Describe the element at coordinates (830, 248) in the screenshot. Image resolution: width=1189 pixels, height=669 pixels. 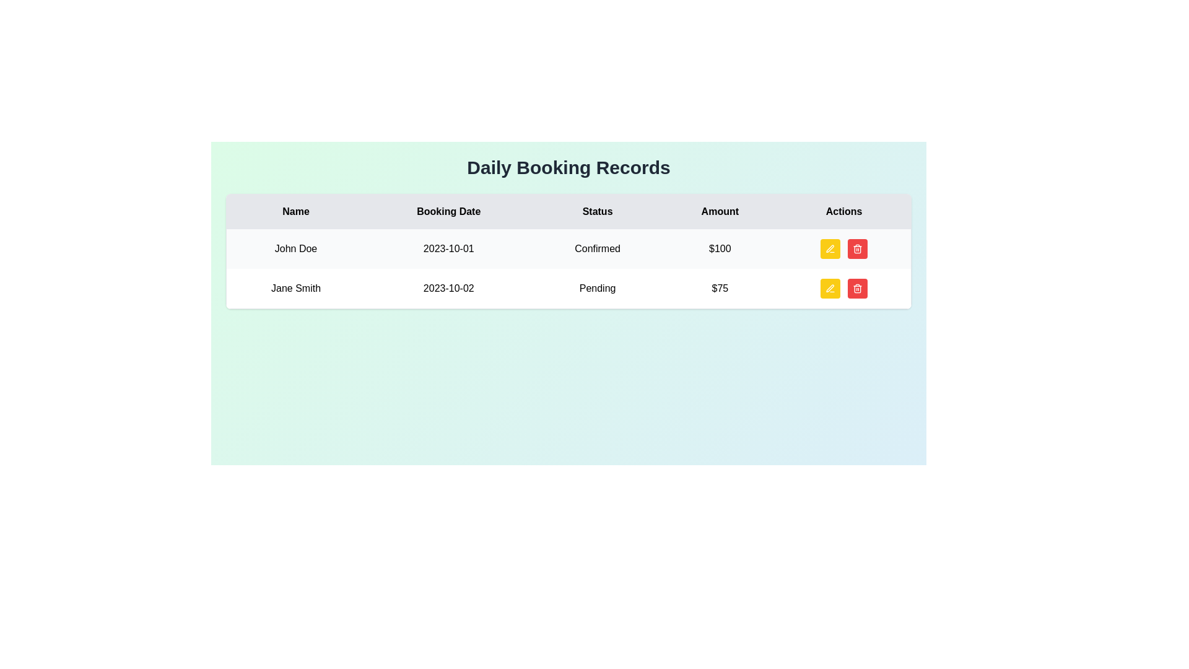
I see `the 'Edit' icon located` at that location.